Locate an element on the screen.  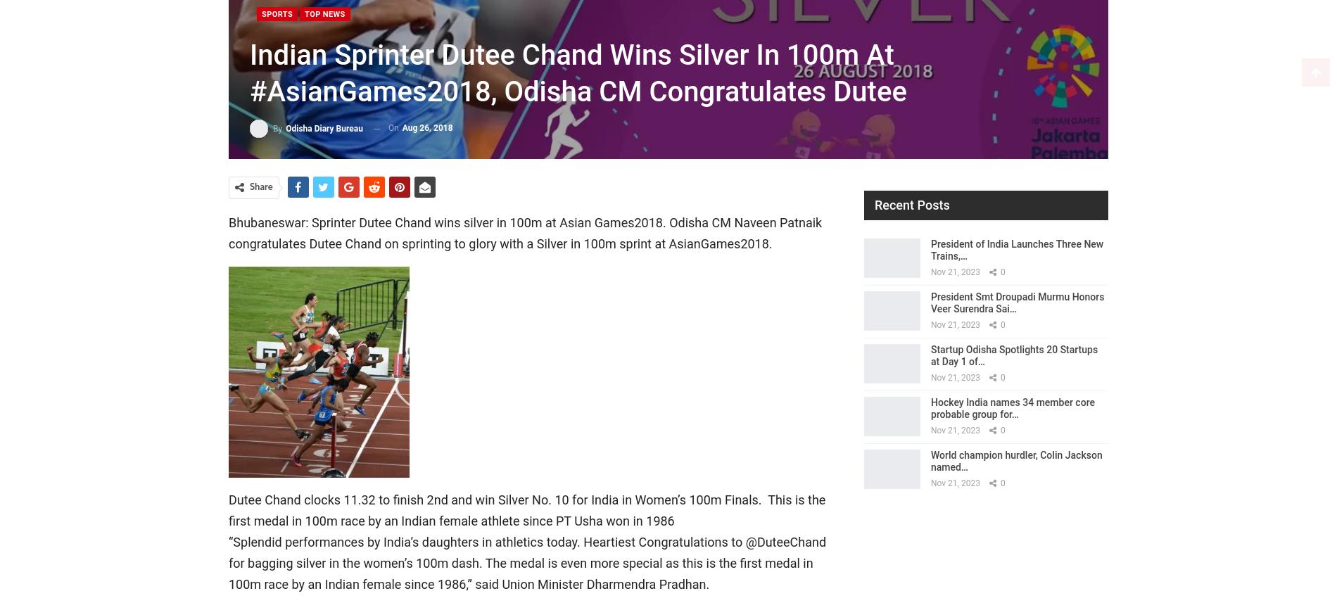
'On' is located at coordinates (393, 127).